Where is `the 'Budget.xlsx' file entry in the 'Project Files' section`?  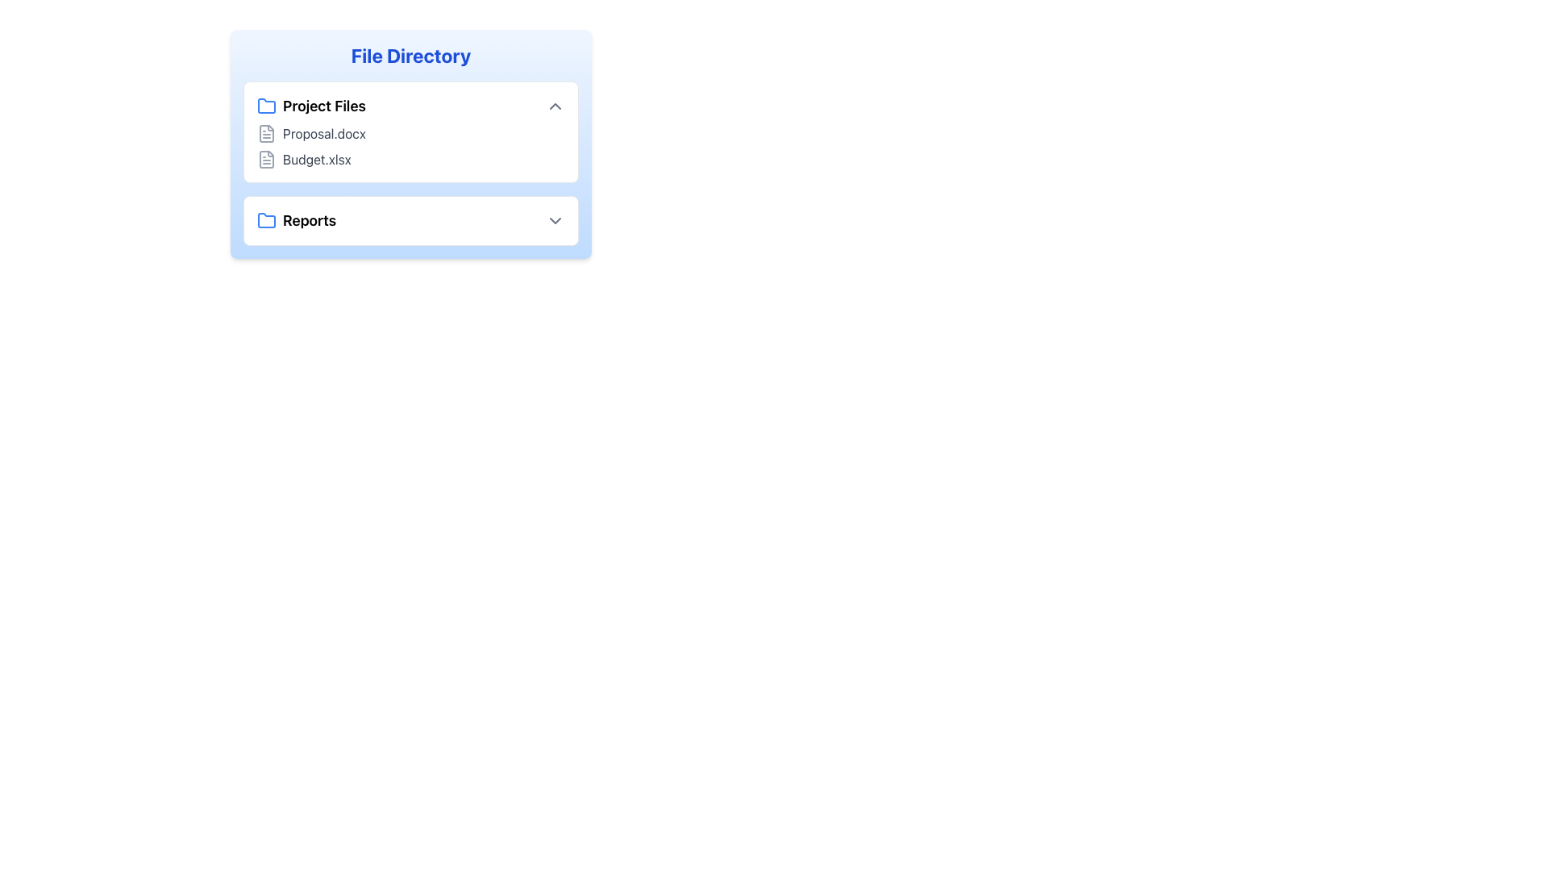
the 'Budget.xlsx' file entry in the 'Project Files' section is located at coordinates (317, 159).